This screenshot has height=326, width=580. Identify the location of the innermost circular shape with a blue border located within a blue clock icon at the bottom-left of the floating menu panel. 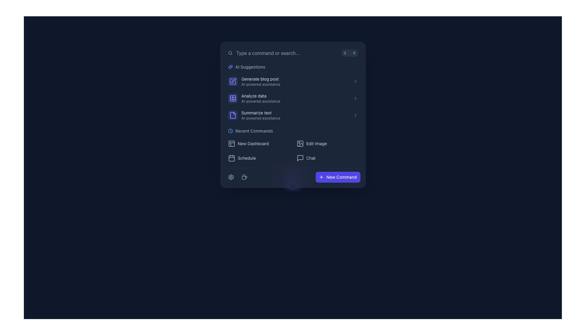
(230, 131).